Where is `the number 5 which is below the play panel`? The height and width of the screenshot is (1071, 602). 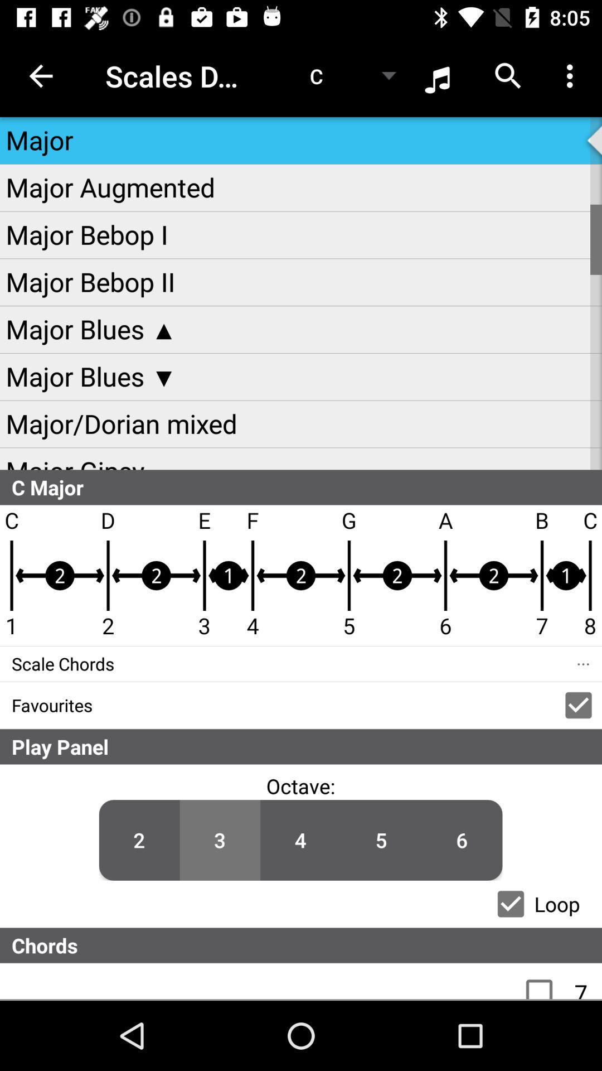 the number 5 which is below the play panel is located at coordinates (381, 840).